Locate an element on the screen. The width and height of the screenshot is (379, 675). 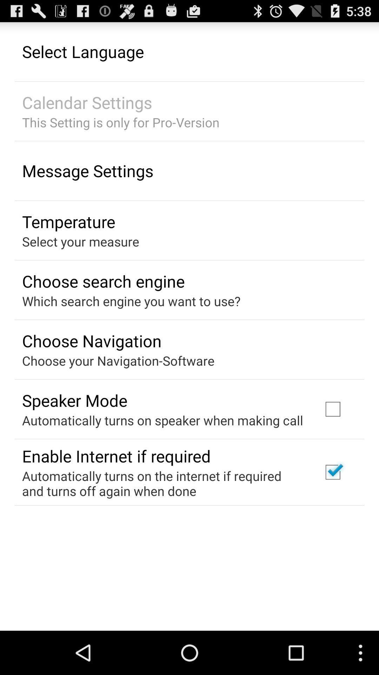
the item above the select your measure app is located at coordinates (68, 221).